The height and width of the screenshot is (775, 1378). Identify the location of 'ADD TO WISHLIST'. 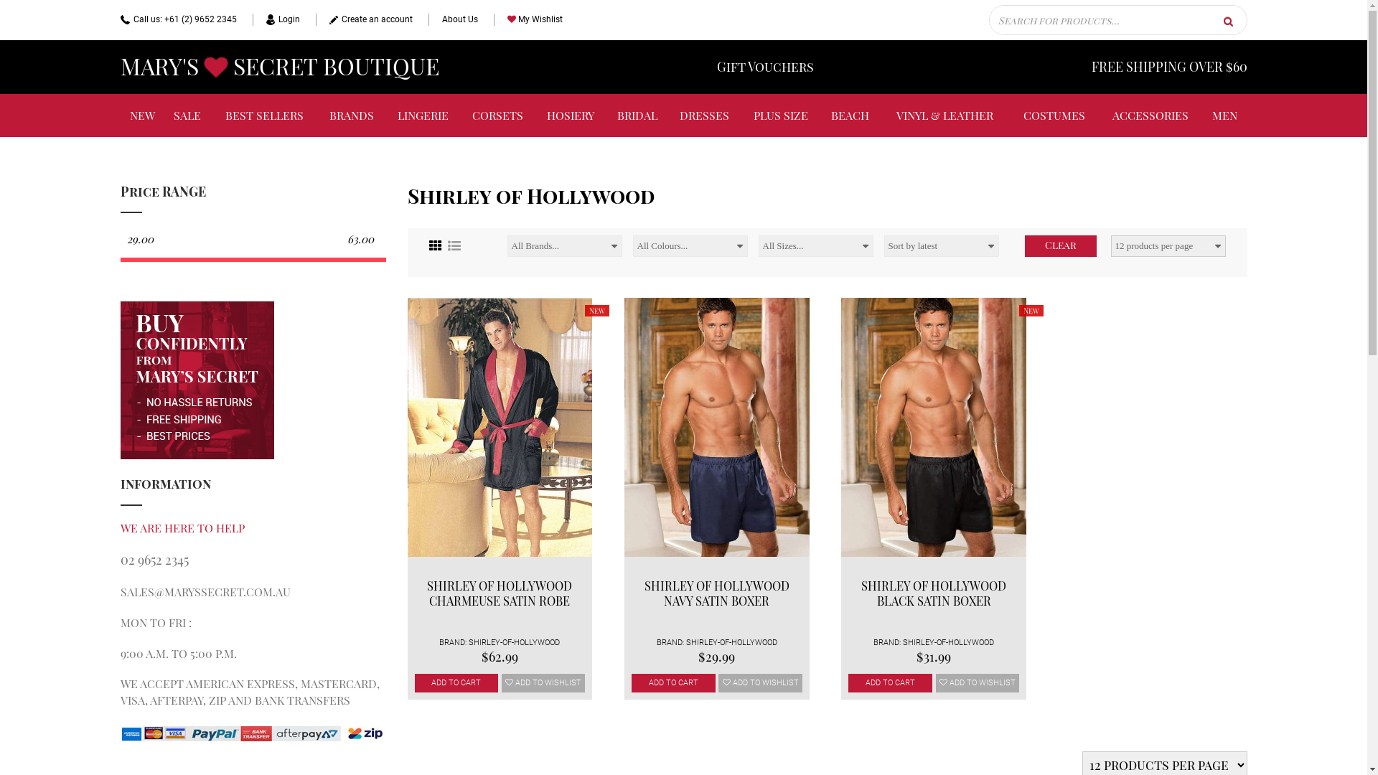
(977, 682).